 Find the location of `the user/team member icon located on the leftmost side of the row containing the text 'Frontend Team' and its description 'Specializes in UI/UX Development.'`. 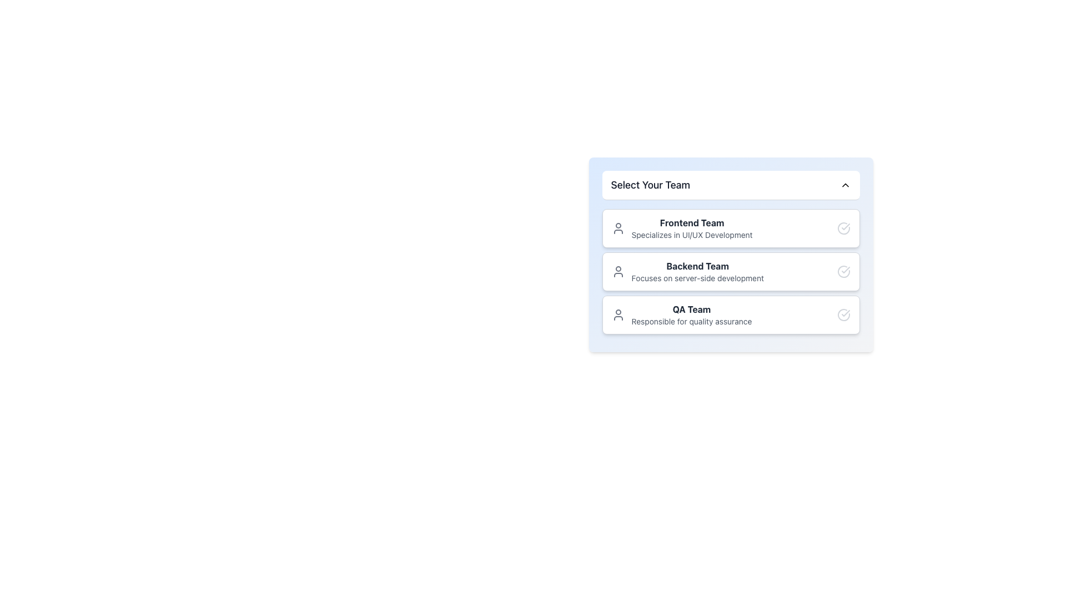

the user/team member icon located on the leftmost side of the row containing the text 'Frontend Team' and its description 'Specializes in UI/UX Development.' is located at coordinates (617, 228).